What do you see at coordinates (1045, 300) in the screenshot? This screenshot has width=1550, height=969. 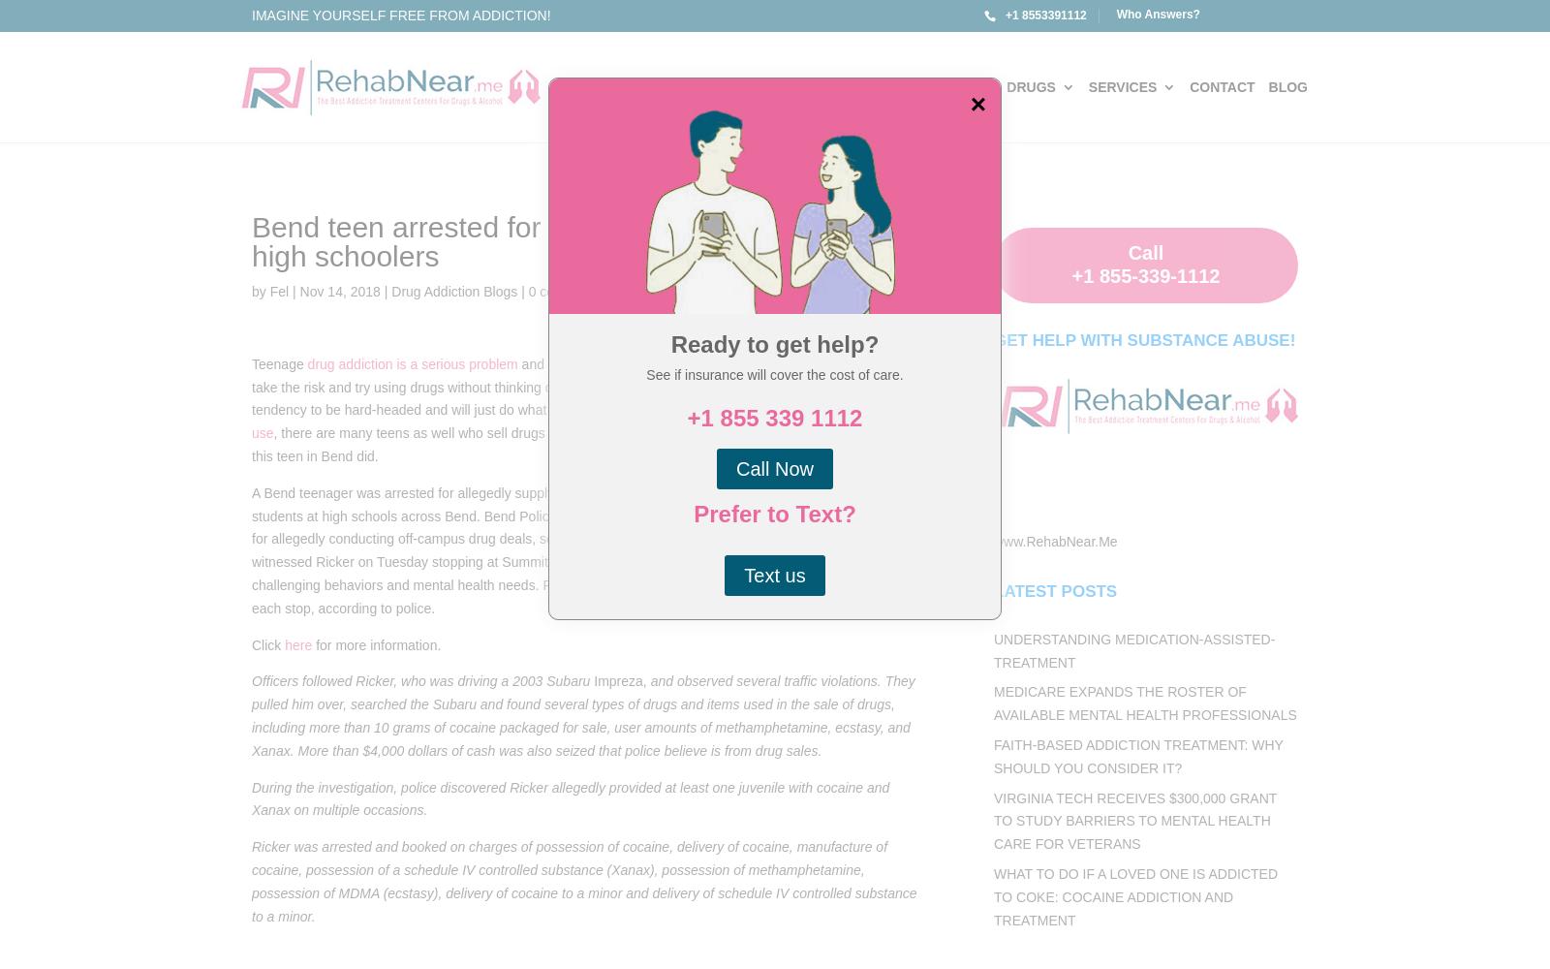 I see `'60 Day Drug Rehabs'` at bounding box center [1045, 300].